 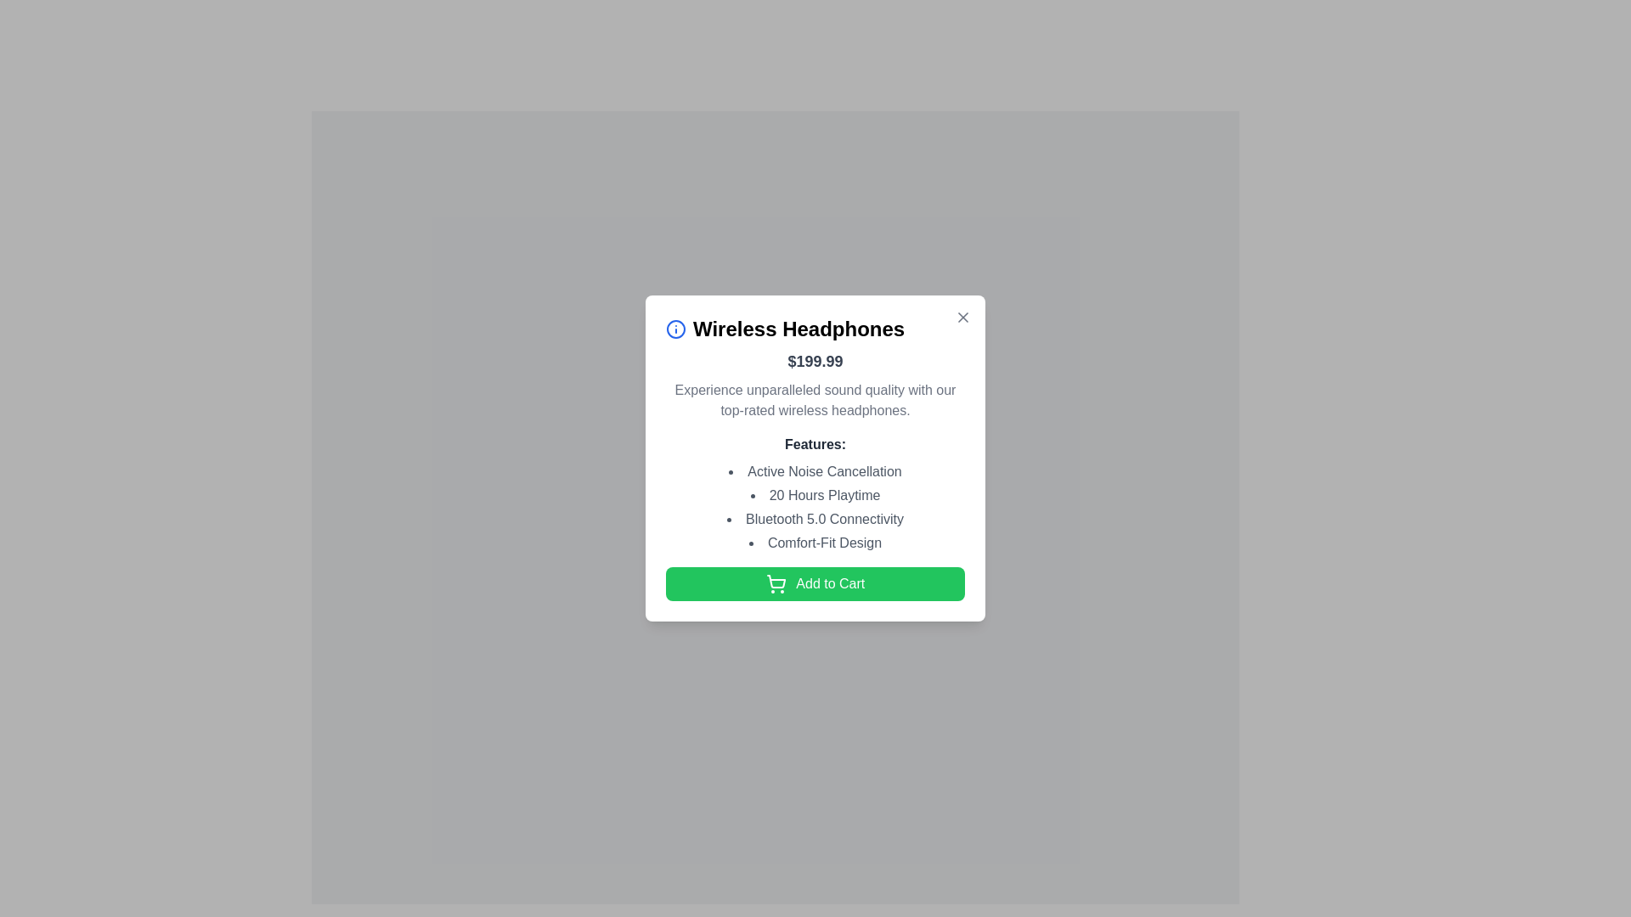 I want to click on text label describing the product feature which states '20 hours of playtime capability', located as the second item under the 'Features:' section, so click(x=815, y=494).